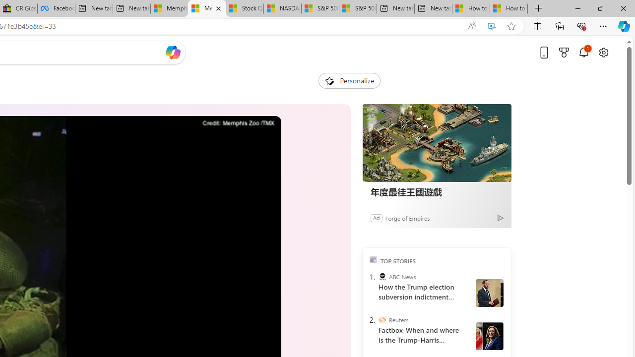 The image size is (635, 357). What do you see at coordinates (583, 52) in the screenshot?
I see `'Notifications'` at bounding box center [583, 52].